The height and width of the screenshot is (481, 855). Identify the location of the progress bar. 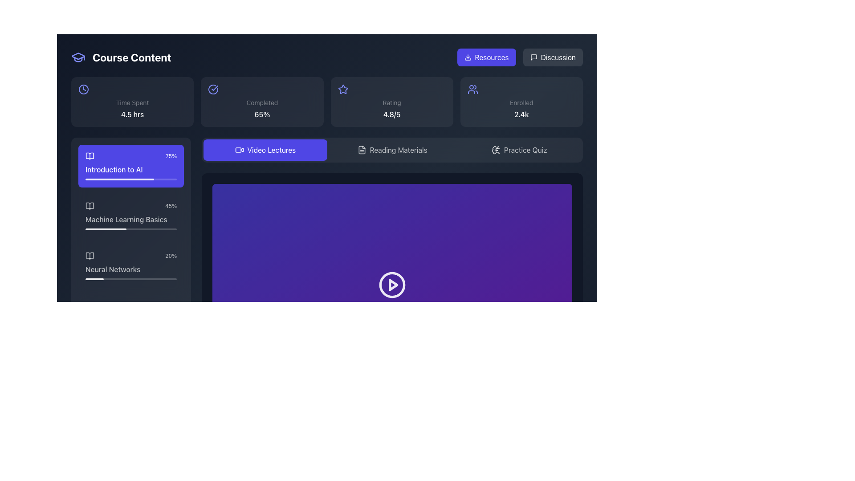
(147, 179).